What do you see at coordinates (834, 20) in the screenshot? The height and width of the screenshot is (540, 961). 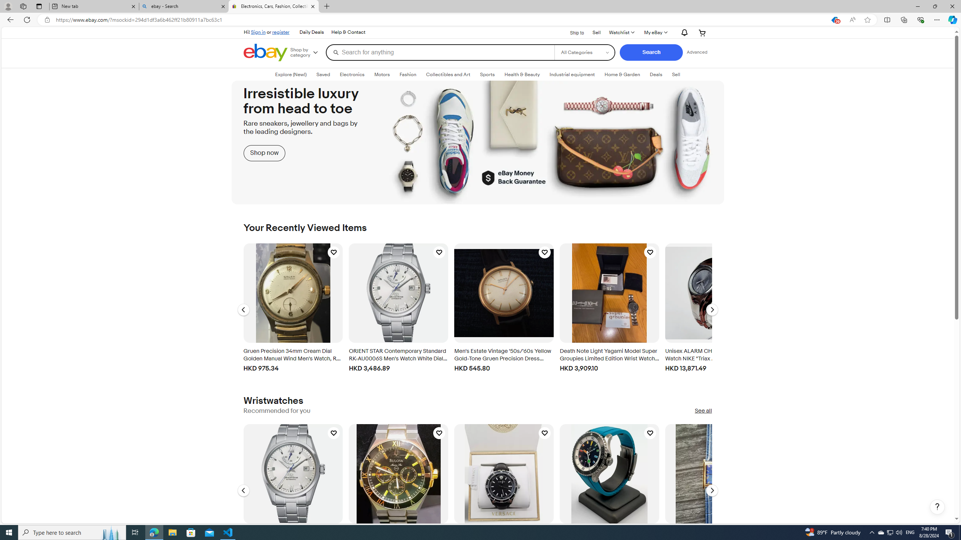 I see `'This site has coupons! Shopping in Microsoft Edge, 20'` at bounding box center [834, 20].